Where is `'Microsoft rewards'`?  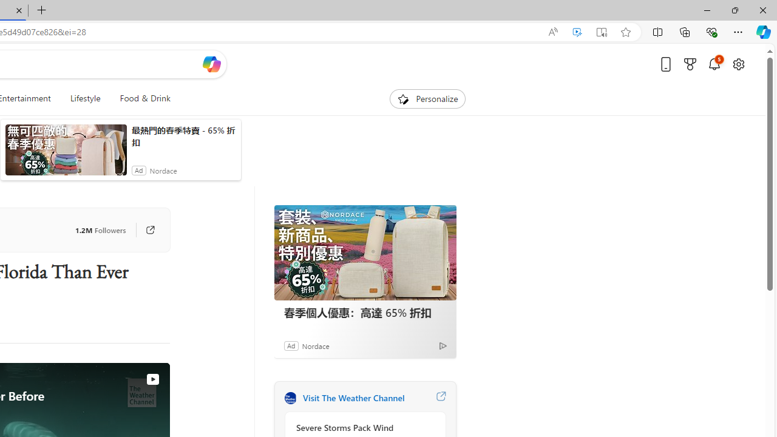
'Microsoft rewards' is located at coordinates (690, 64).